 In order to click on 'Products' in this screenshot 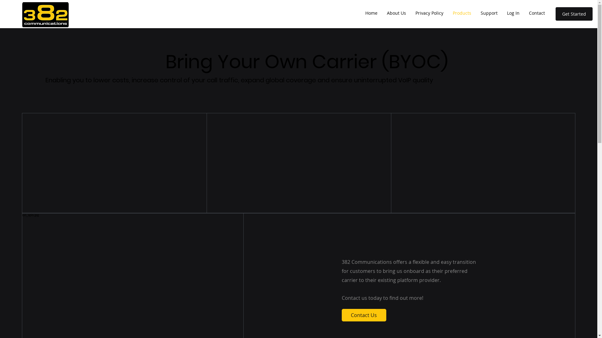, I will do `click(448, 13)`.